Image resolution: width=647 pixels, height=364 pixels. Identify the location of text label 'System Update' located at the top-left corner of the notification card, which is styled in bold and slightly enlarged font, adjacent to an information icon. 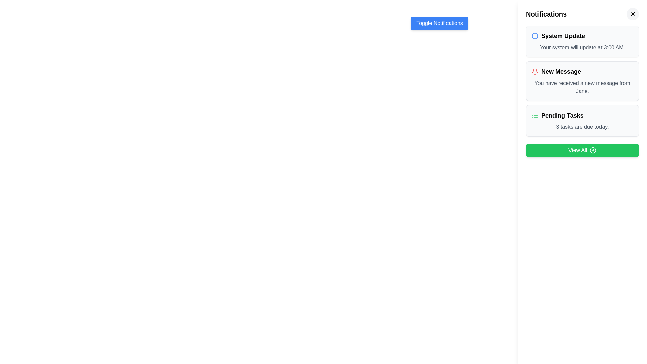
(582, 36).